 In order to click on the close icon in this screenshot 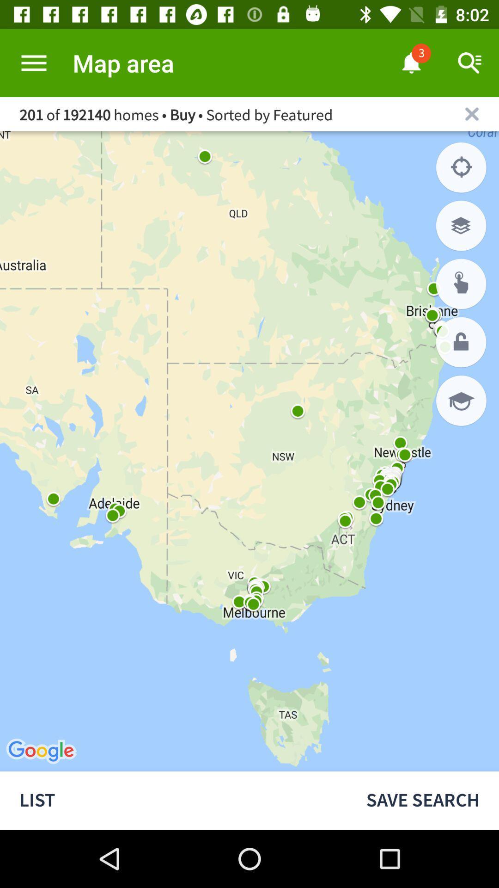, I will do `click(472, 113)`.